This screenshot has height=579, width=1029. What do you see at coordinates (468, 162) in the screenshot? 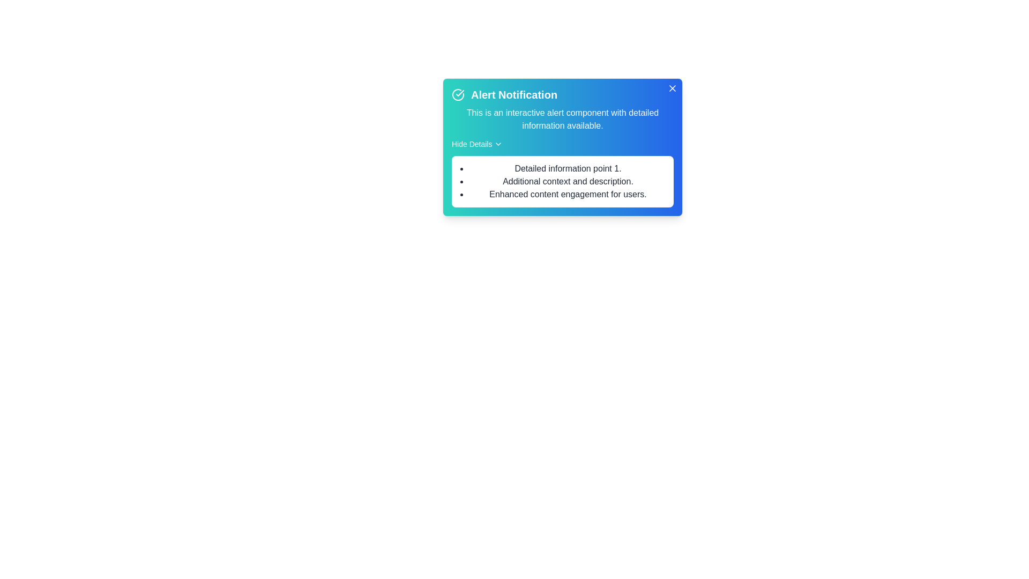
I see `the detailed information text for copying` at bounding box center [468, 162].